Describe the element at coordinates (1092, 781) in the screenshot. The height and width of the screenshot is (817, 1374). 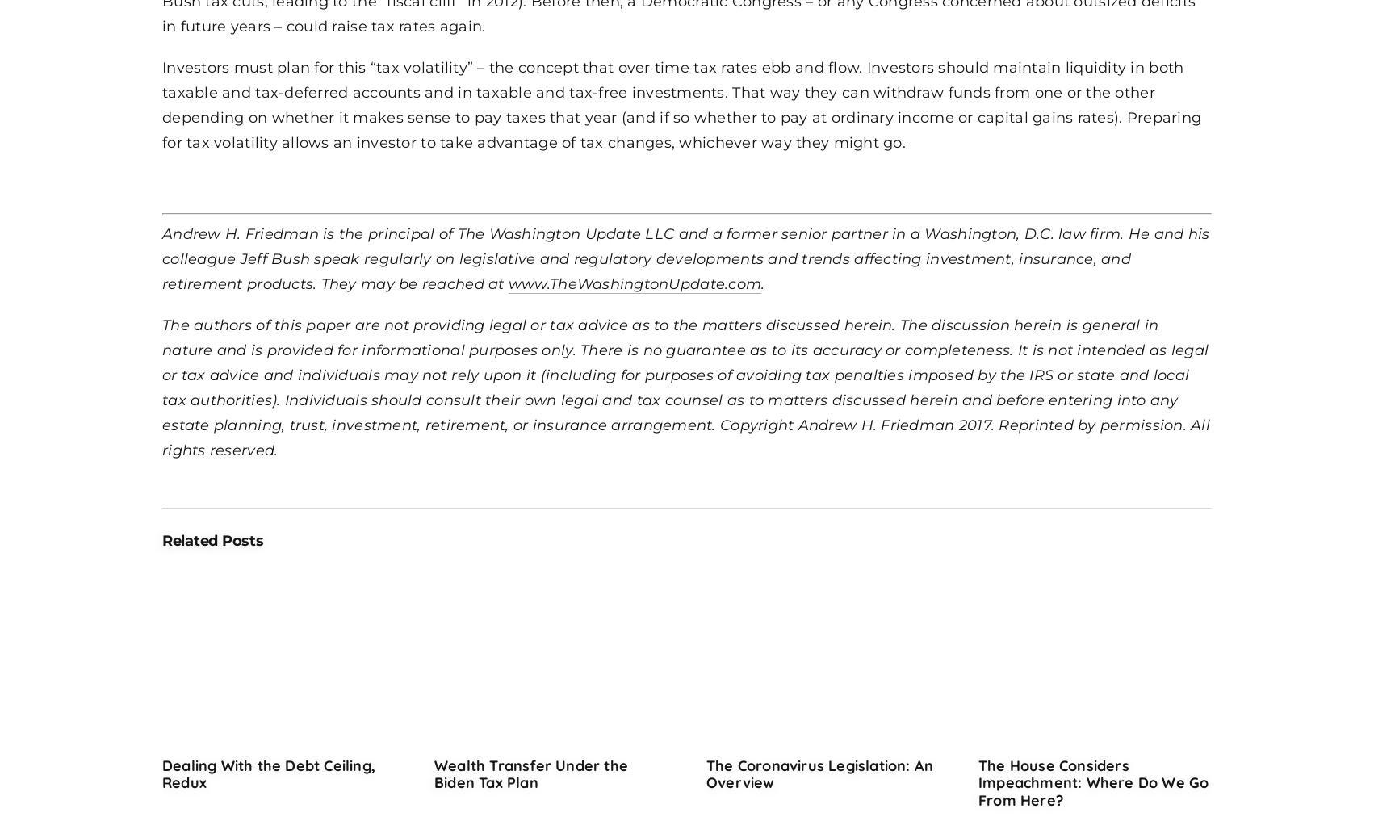
I see `'The House Considers Impeachment: Where Do We Go From Here?'` at that location.